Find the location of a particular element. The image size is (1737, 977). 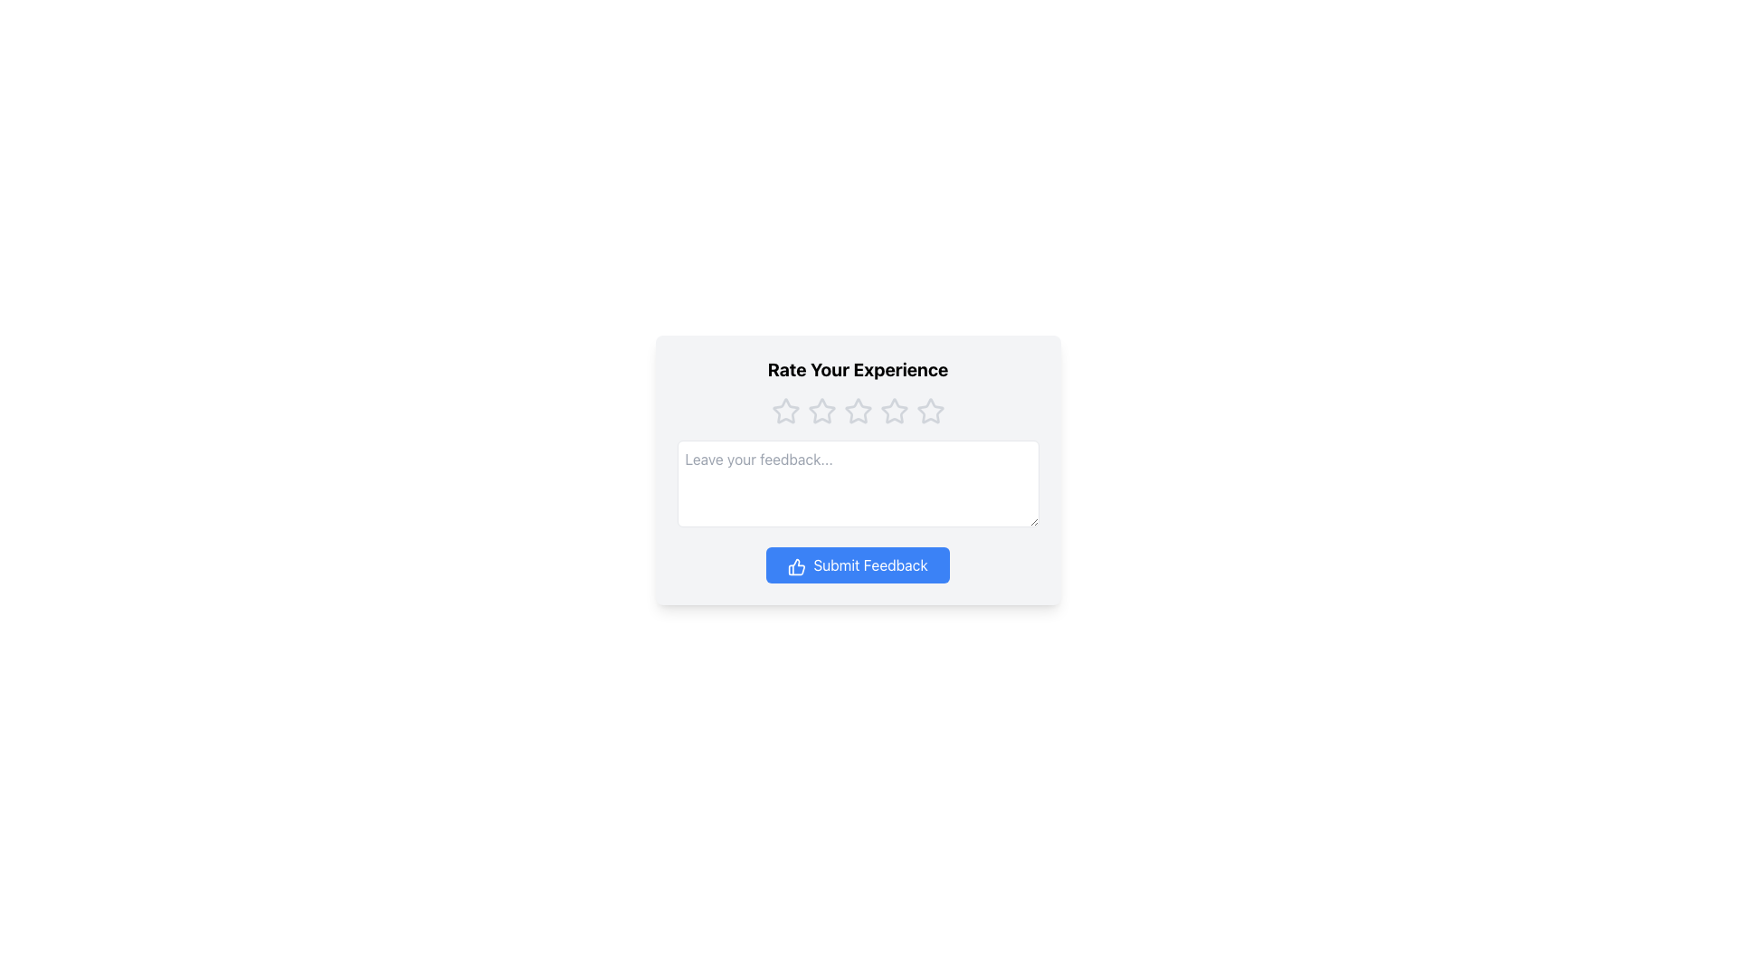

the static text element displaying 'Rate Your Experience', which is bold, black, and located at the top of a light gray rounded card is located at coordinates (857, 368).